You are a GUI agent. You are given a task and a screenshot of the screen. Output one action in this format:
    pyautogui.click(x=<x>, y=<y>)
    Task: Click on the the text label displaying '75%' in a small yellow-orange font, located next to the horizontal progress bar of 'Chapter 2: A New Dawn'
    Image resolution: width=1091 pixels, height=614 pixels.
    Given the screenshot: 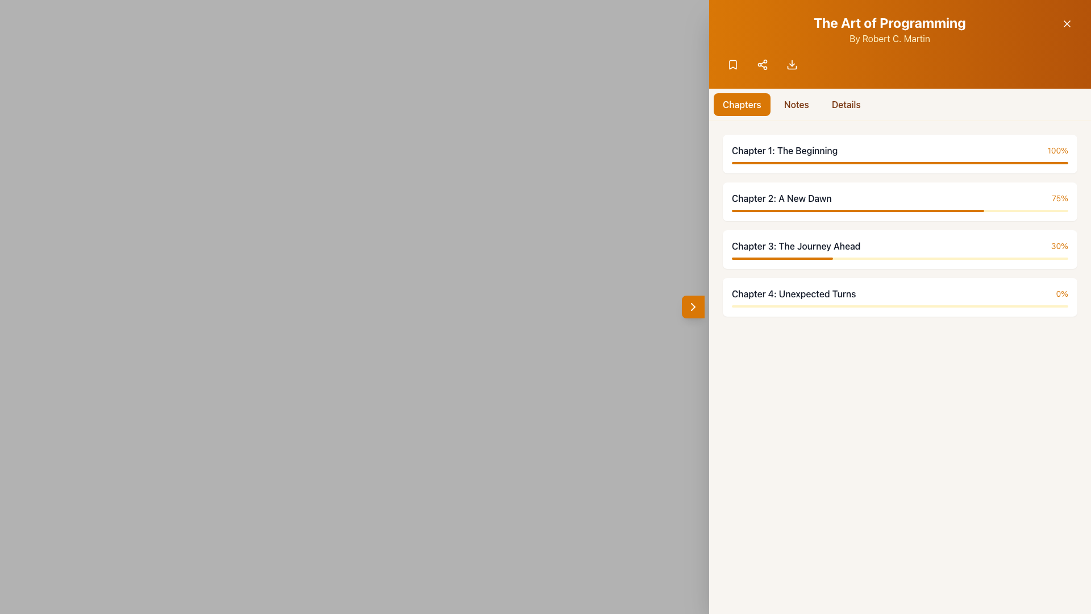 What is the action you would take?
    pyautogui.click(x=1059, y=197)
    